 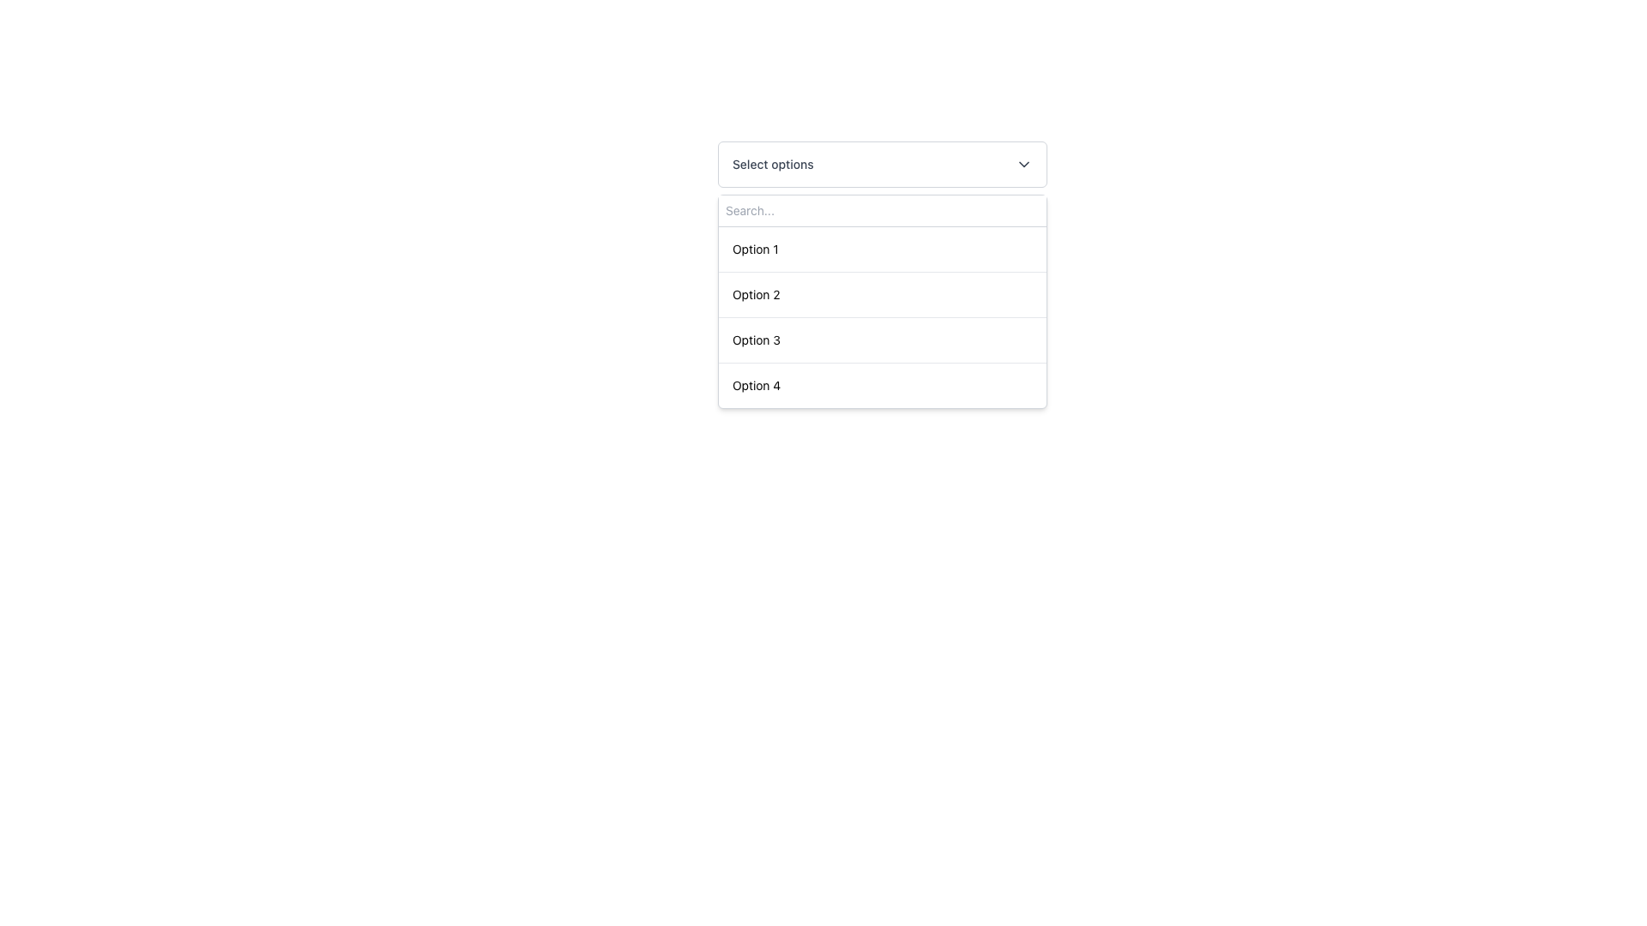 I want to click on to select the list item labeled 'Option 3' in the dropdown menu, which is the third option in the list, so click(x=882, y=340).